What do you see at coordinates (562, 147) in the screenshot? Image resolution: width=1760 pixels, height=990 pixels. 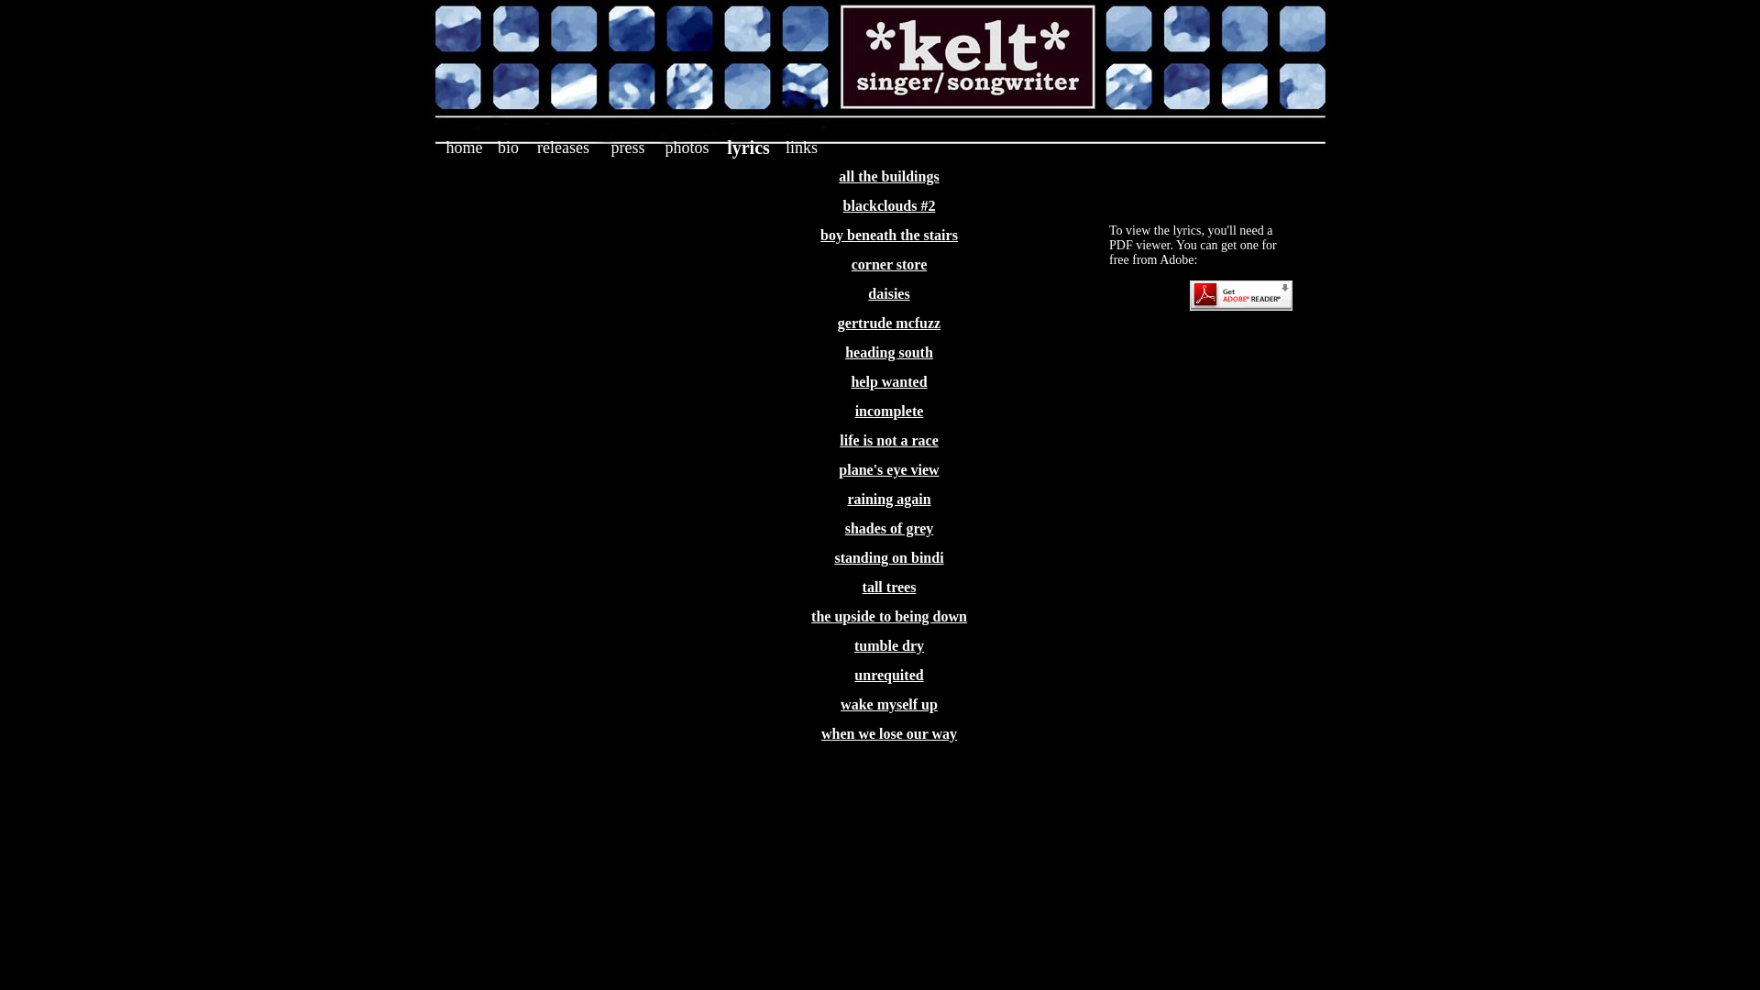 I see `'releases'` at bounding box center [562, 147].